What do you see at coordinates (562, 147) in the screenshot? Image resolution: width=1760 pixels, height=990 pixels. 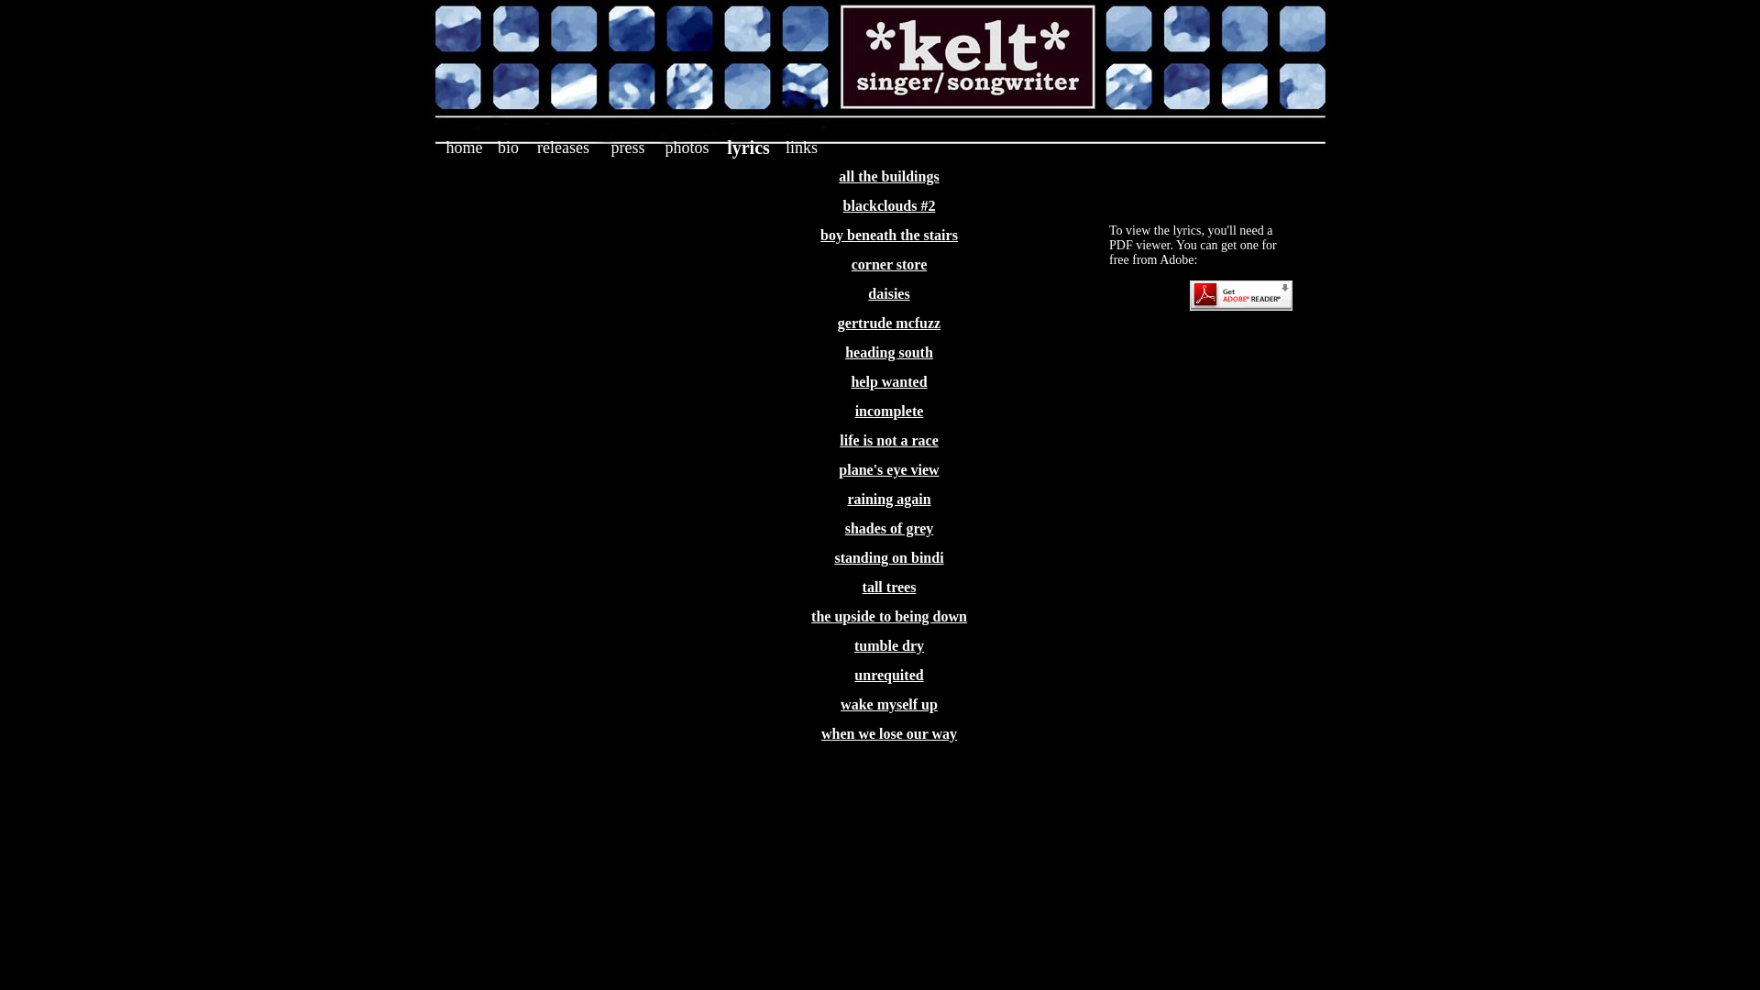 I see `'releases'` at bounding box center [562, 147].